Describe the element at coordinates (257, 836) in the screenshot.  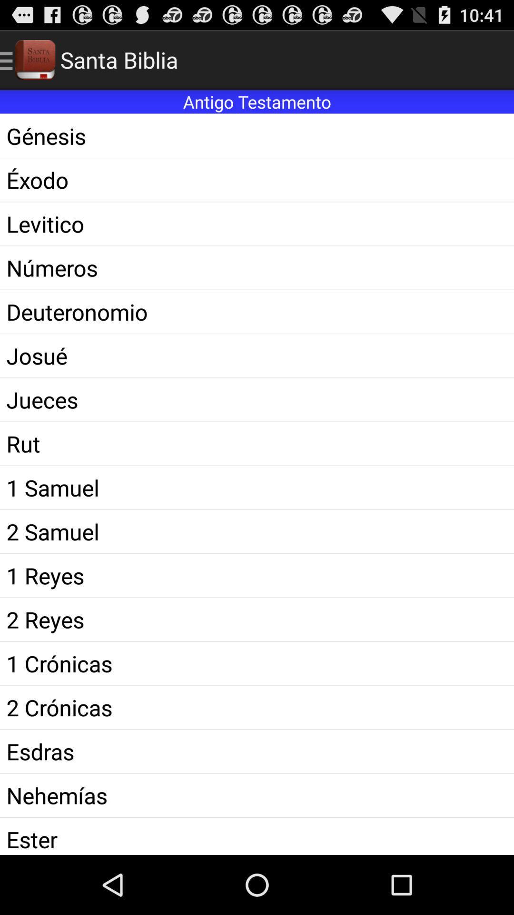
I see `the ester app` at that location.